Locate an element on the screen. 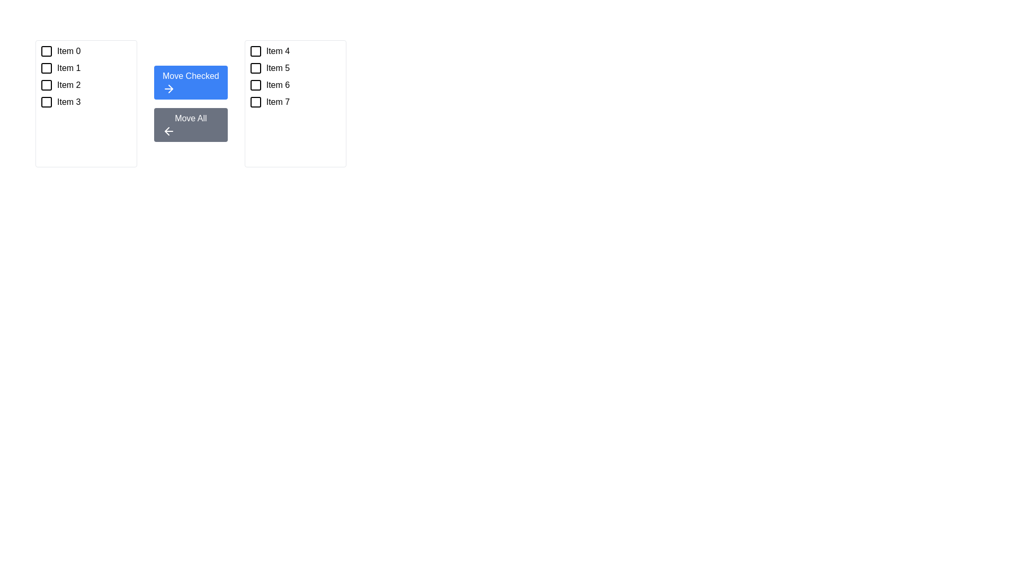  the button located in the middle of the interface, positioned above the 'Move All' button, to move selected items from the left panel to the right panel is located at coordinates (191, 82).